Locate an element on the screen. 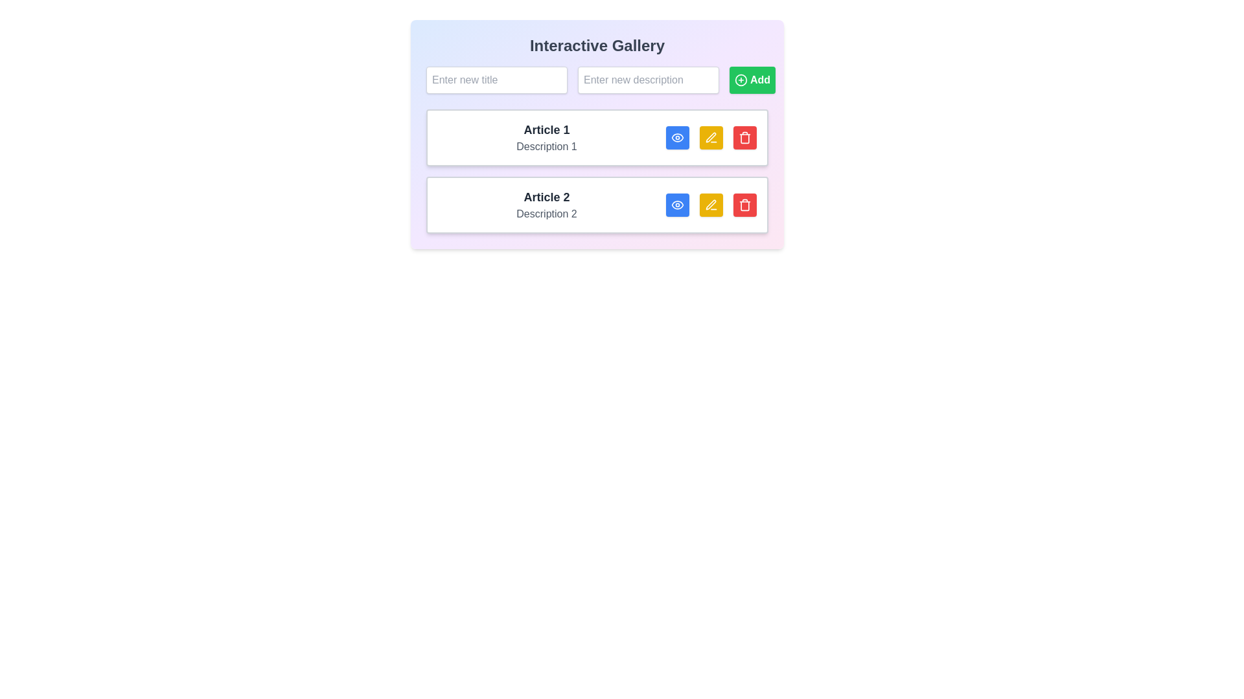 The image size is (1244, 699). the edit action icon located in the middle of the action group for 'Article 2' to initiate the edit action is located at coordinates (710, 204).